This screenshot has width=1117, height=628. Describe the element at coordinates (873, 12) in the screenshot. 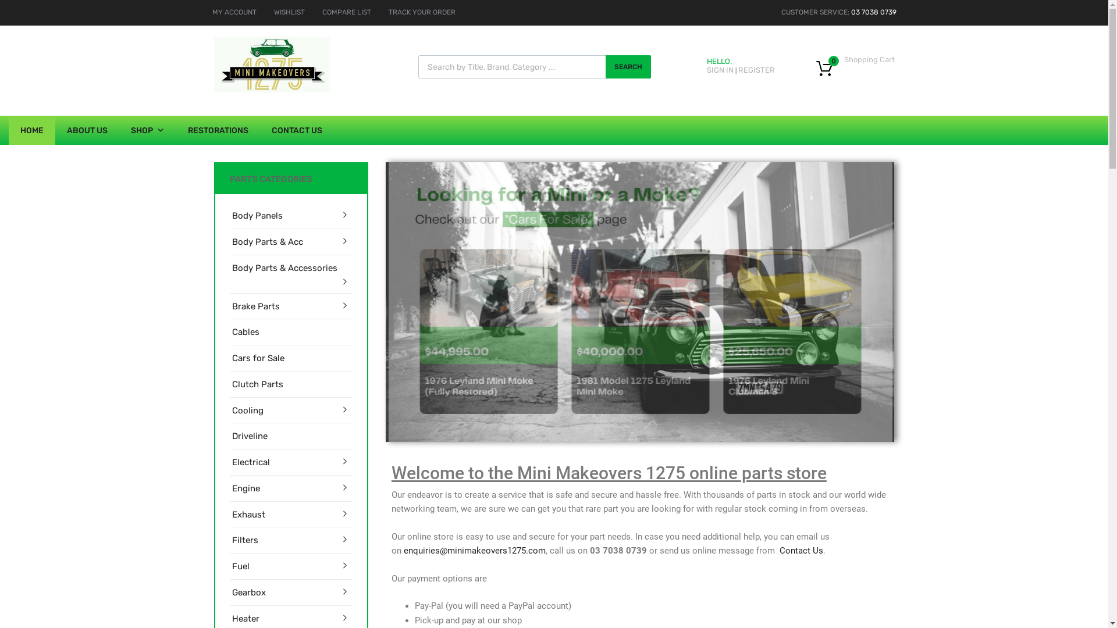

I see `'03 7038 0739'` at that location.